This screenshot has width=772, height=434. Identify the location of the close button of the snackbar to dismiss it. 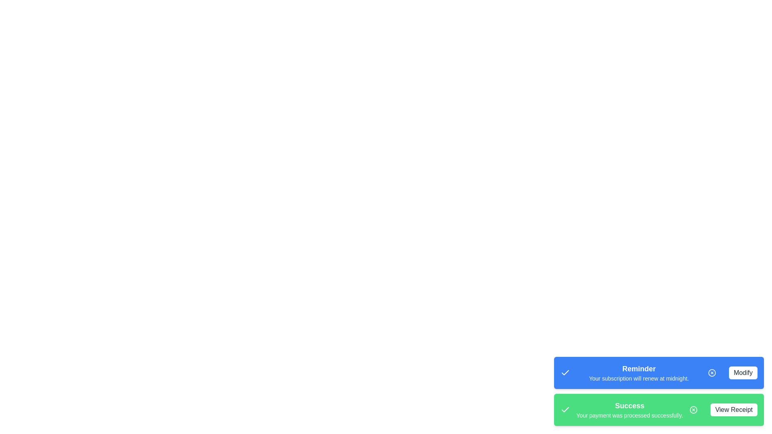
(712, 373).